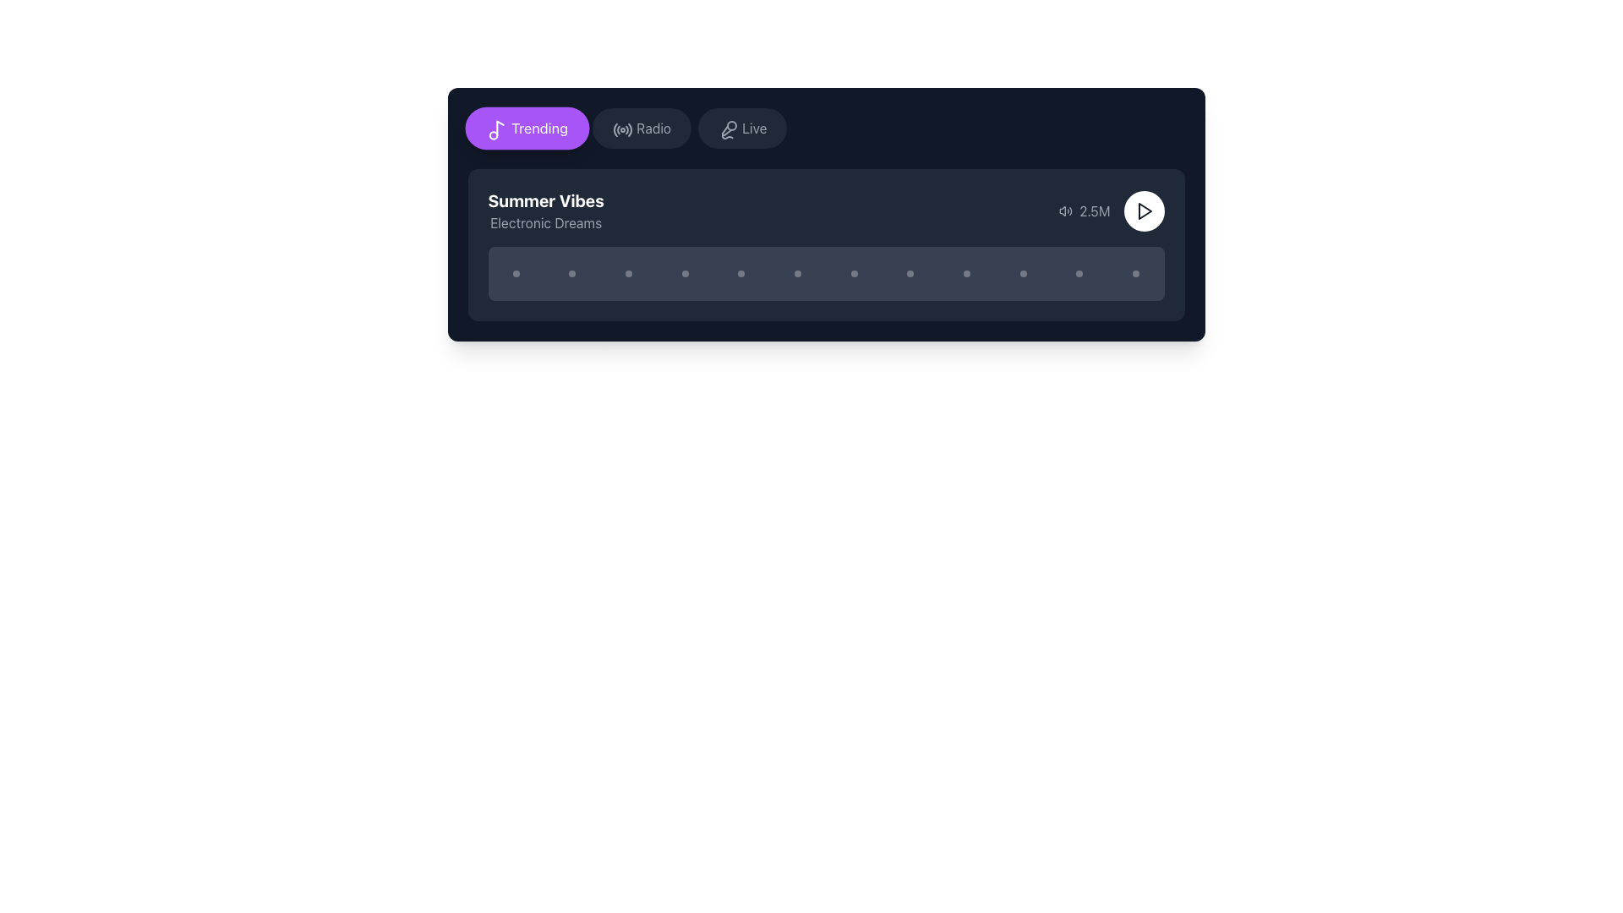  I want to click on the musical note icon located to the left of the 'Trending' button with a purple background, so click(494, 127).